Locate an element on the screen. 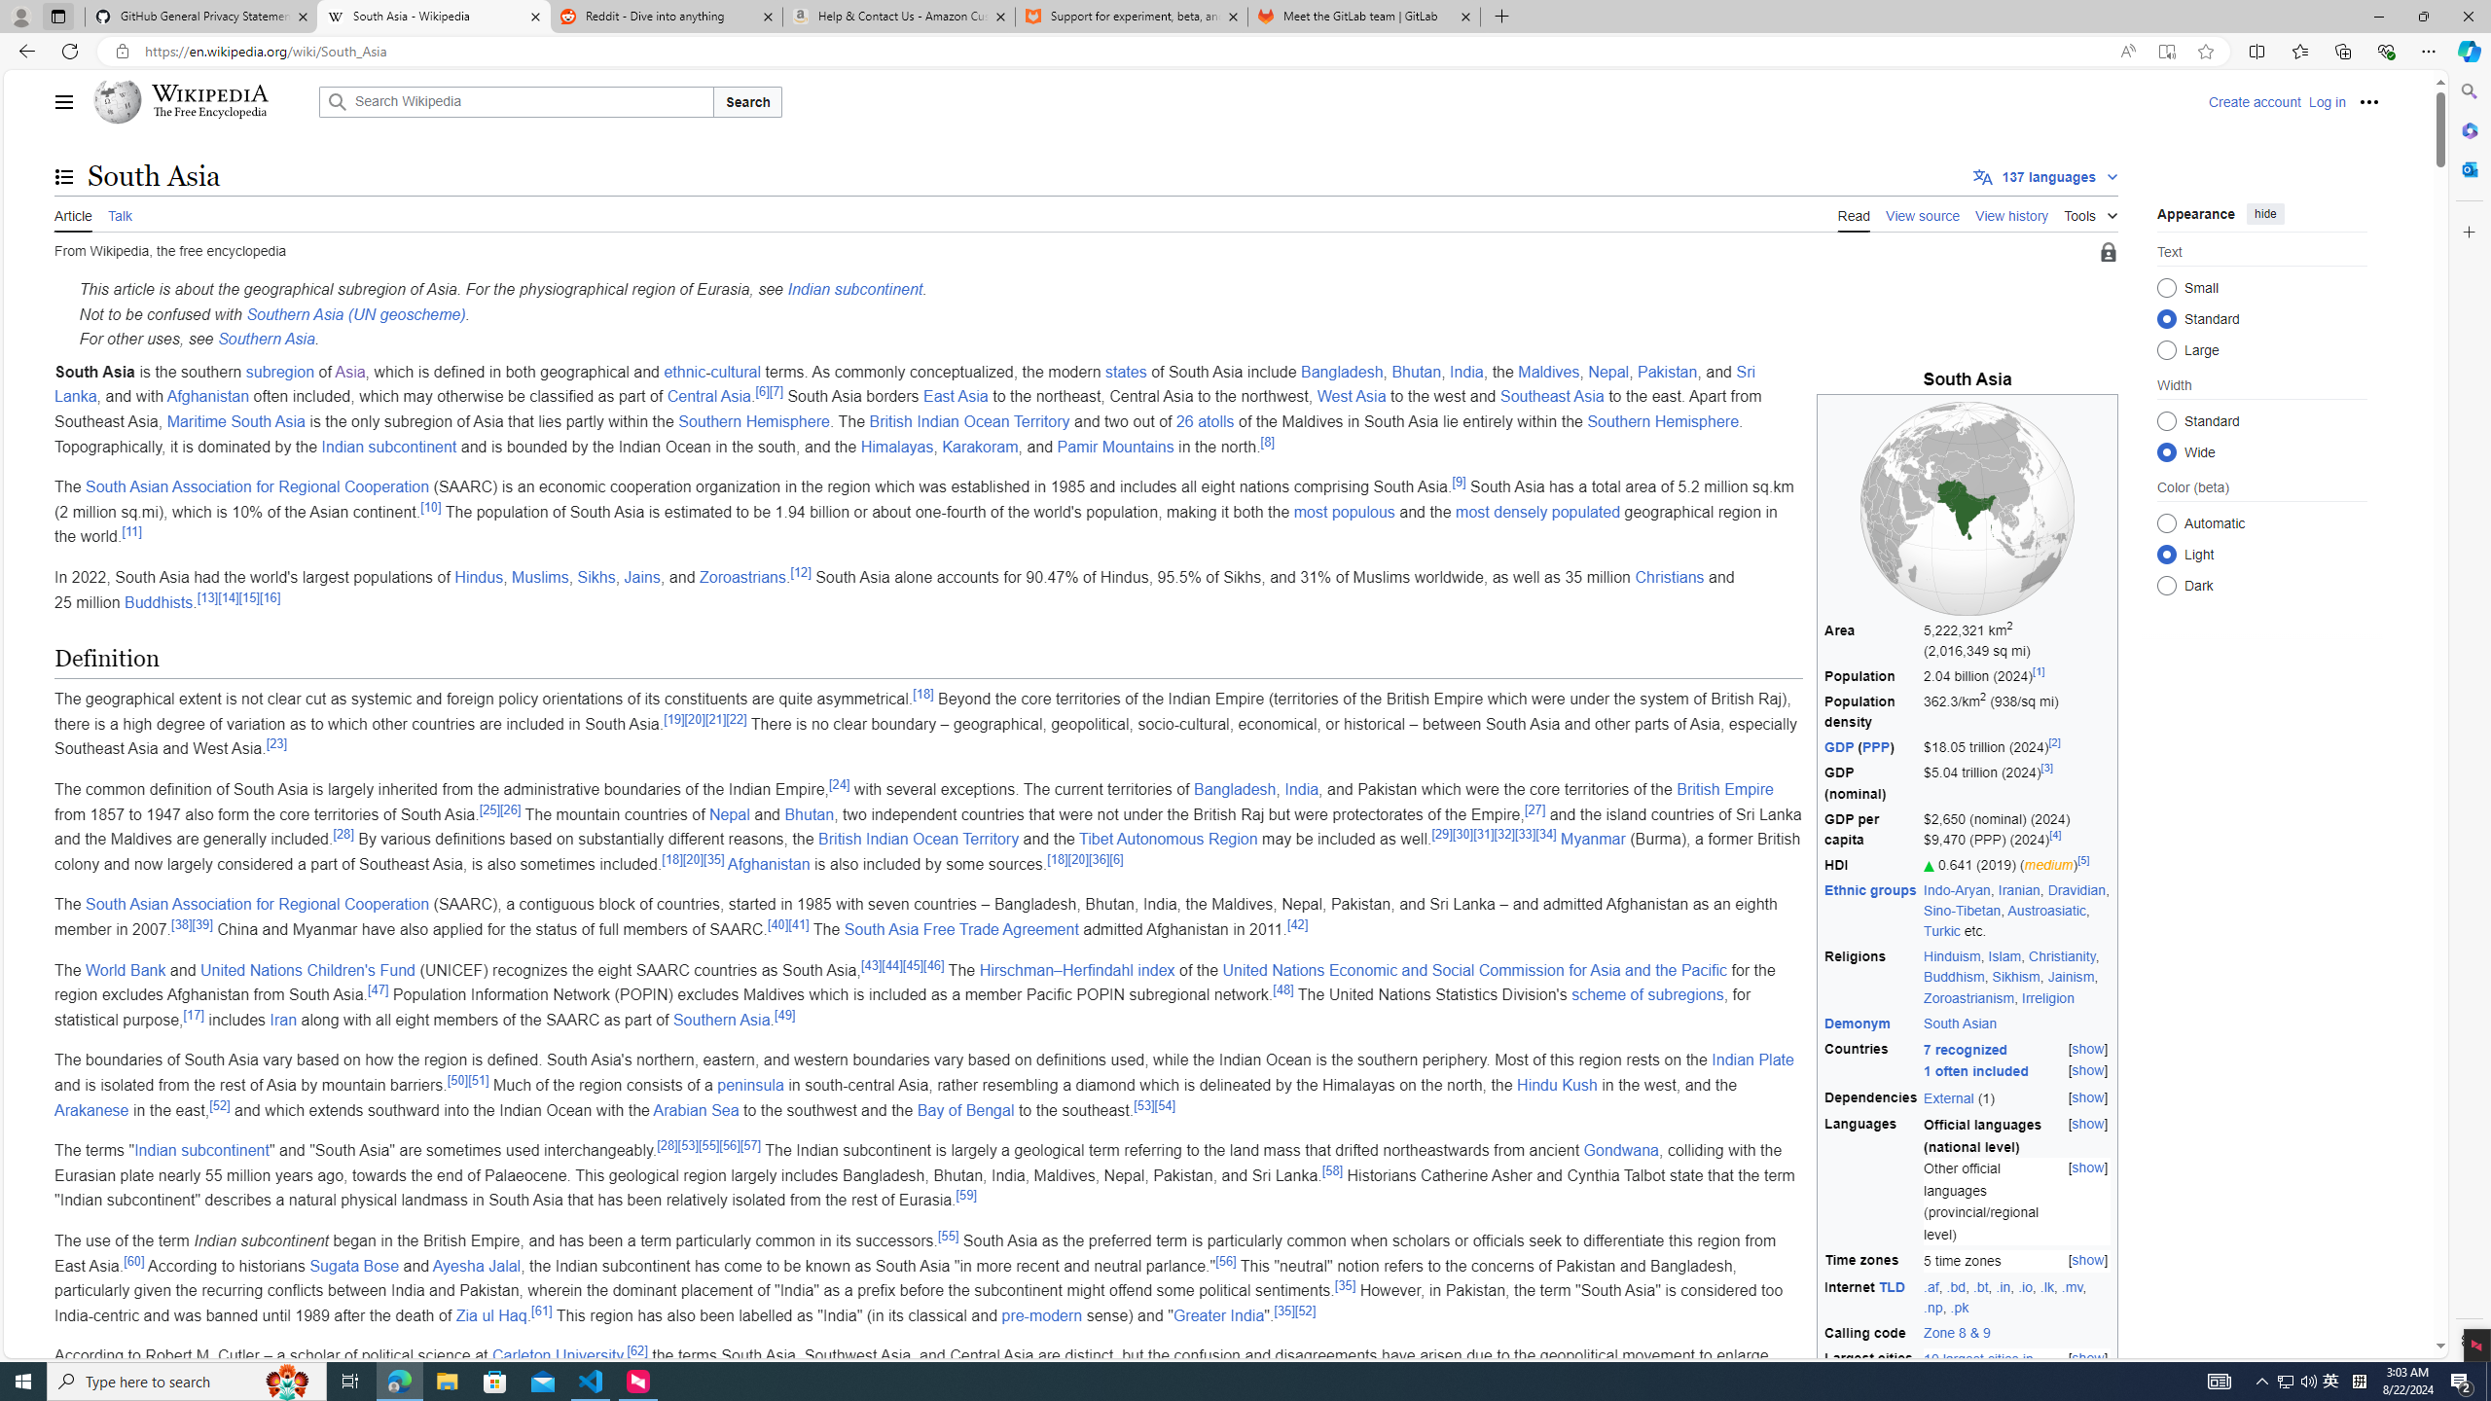 Image resolution: width=2491 pixels, height=1401 pixels. '$2,650 (nominal) (2024) $9,470 (PPP) (2024)[4]' is located at coordinates (2016, 828).